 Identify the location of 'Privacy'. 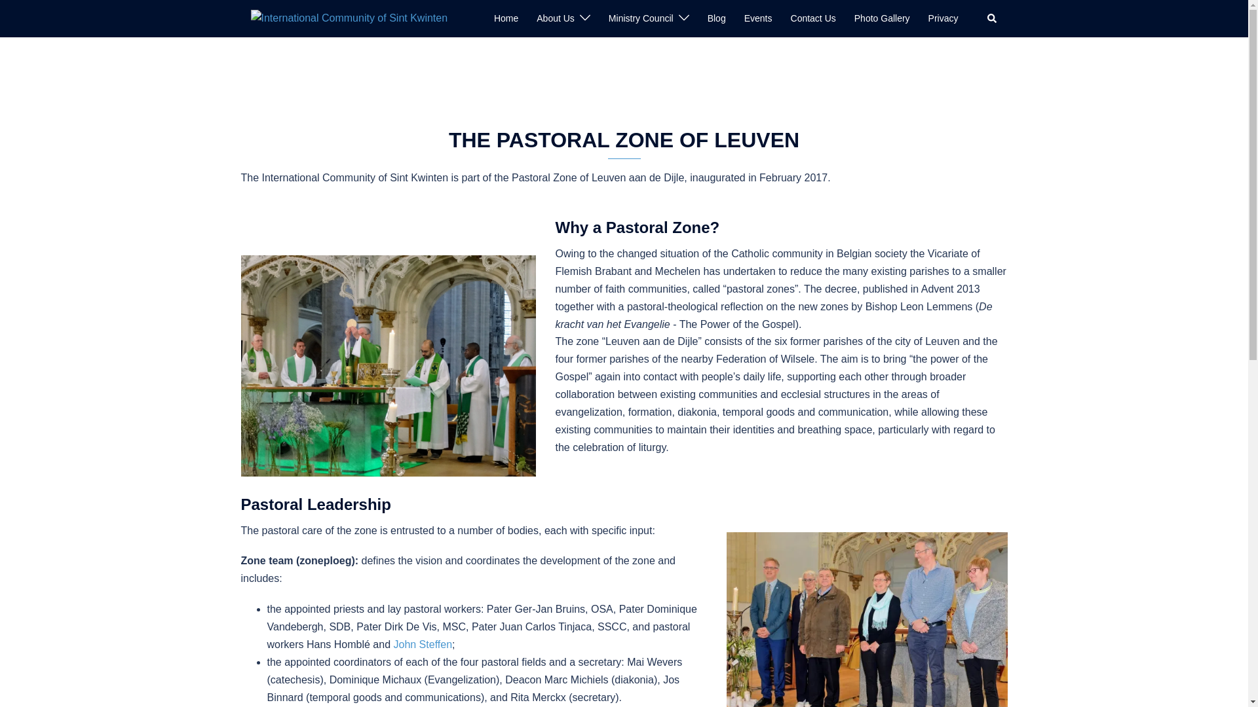
(927, 19).